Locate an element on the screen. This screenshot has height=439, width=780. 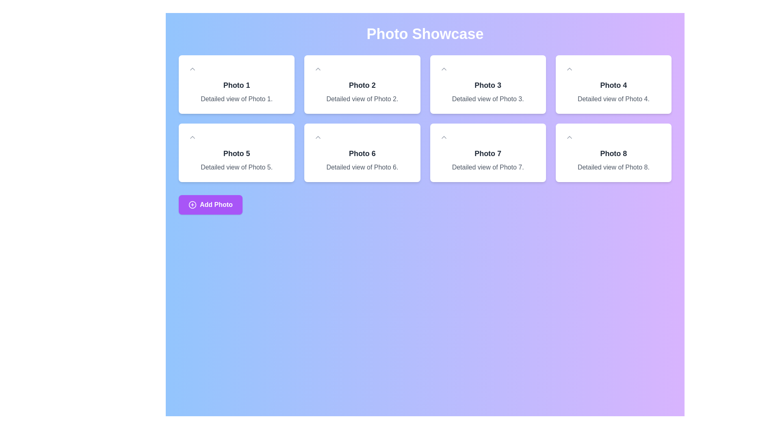
the text label 'Photo 3' is located at coordinates (487, 85).